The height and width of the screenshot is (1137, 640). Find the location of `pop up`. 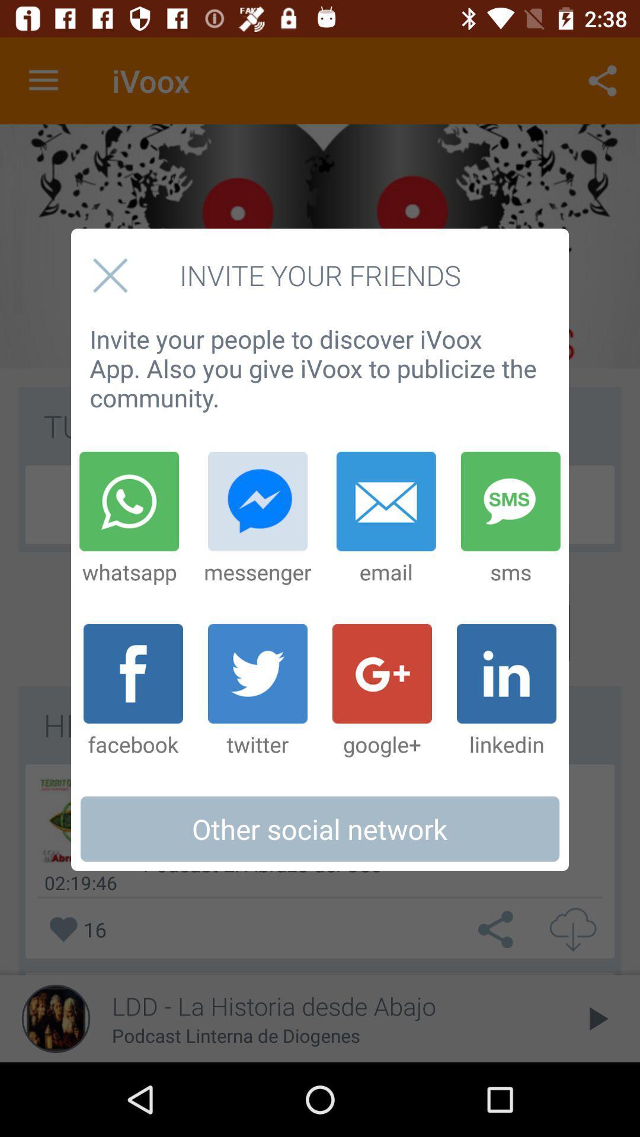

pop up is located at coordinates (110, 275).